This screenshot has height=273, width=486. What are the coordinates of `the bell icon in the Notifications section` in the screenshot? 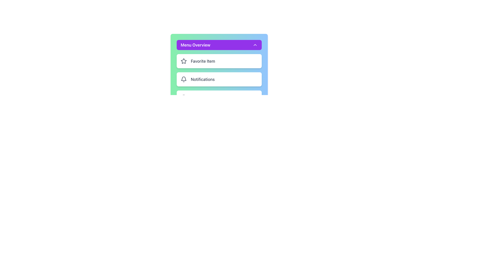 It's located at (183, 79).